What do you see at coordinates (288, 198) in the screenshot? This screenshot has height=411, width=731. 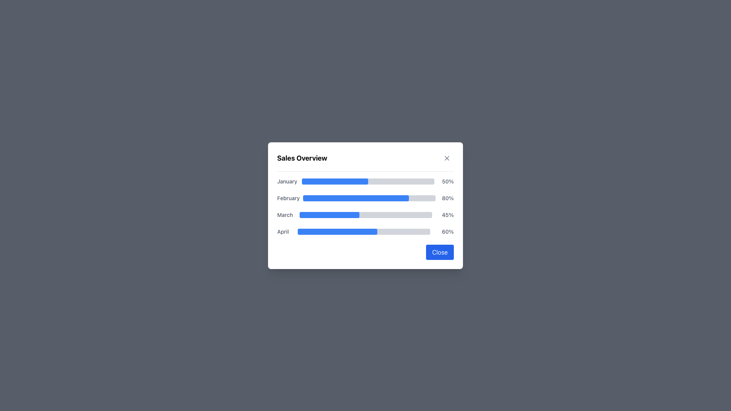 I see `the 'February' text label, which is styled with a small font size and medium weight, located in the second row of the table-like structure within the modal` at bounding box center [288, 198].